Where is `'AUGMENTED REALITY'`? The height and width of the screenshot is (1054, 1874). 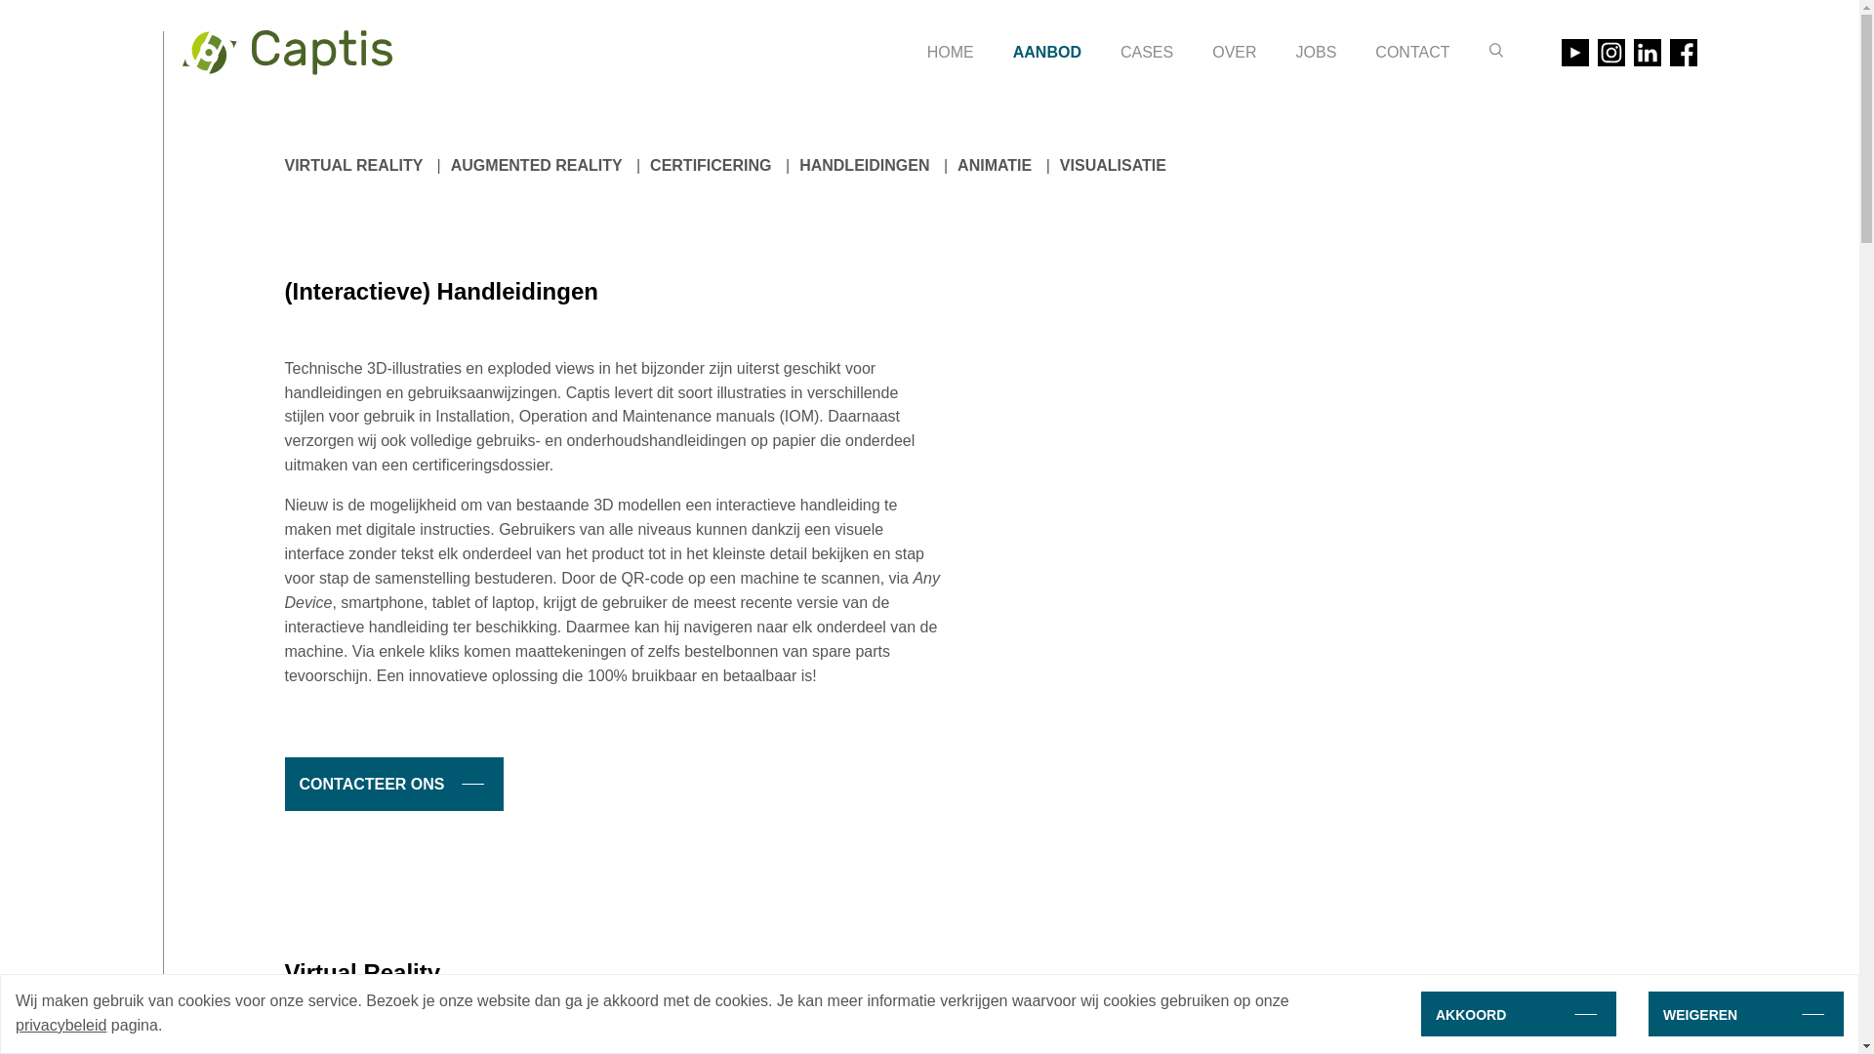
'AUGMENTED REALITY' is located at coordinates (537, 164).